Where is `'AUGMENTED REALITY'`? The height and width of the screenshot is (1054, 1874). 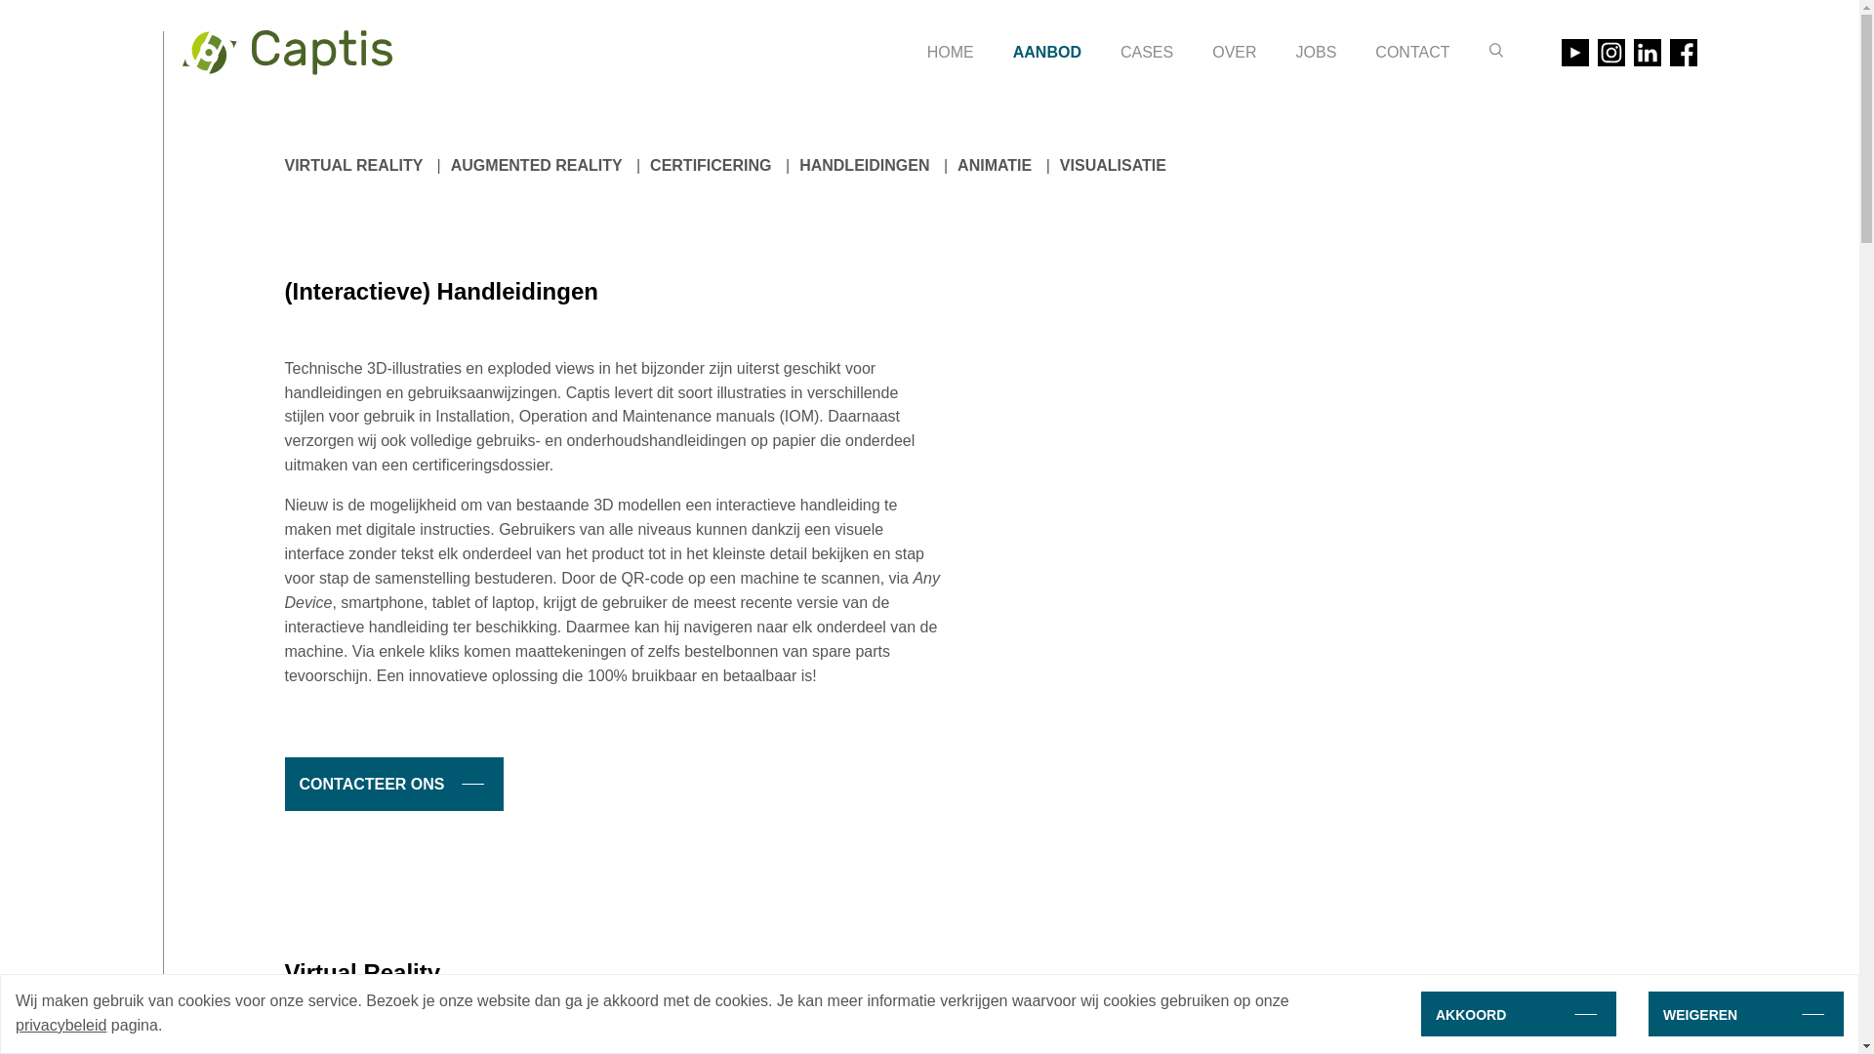
'AUGMENTED REALITY' is located at coordinates (537, 164).